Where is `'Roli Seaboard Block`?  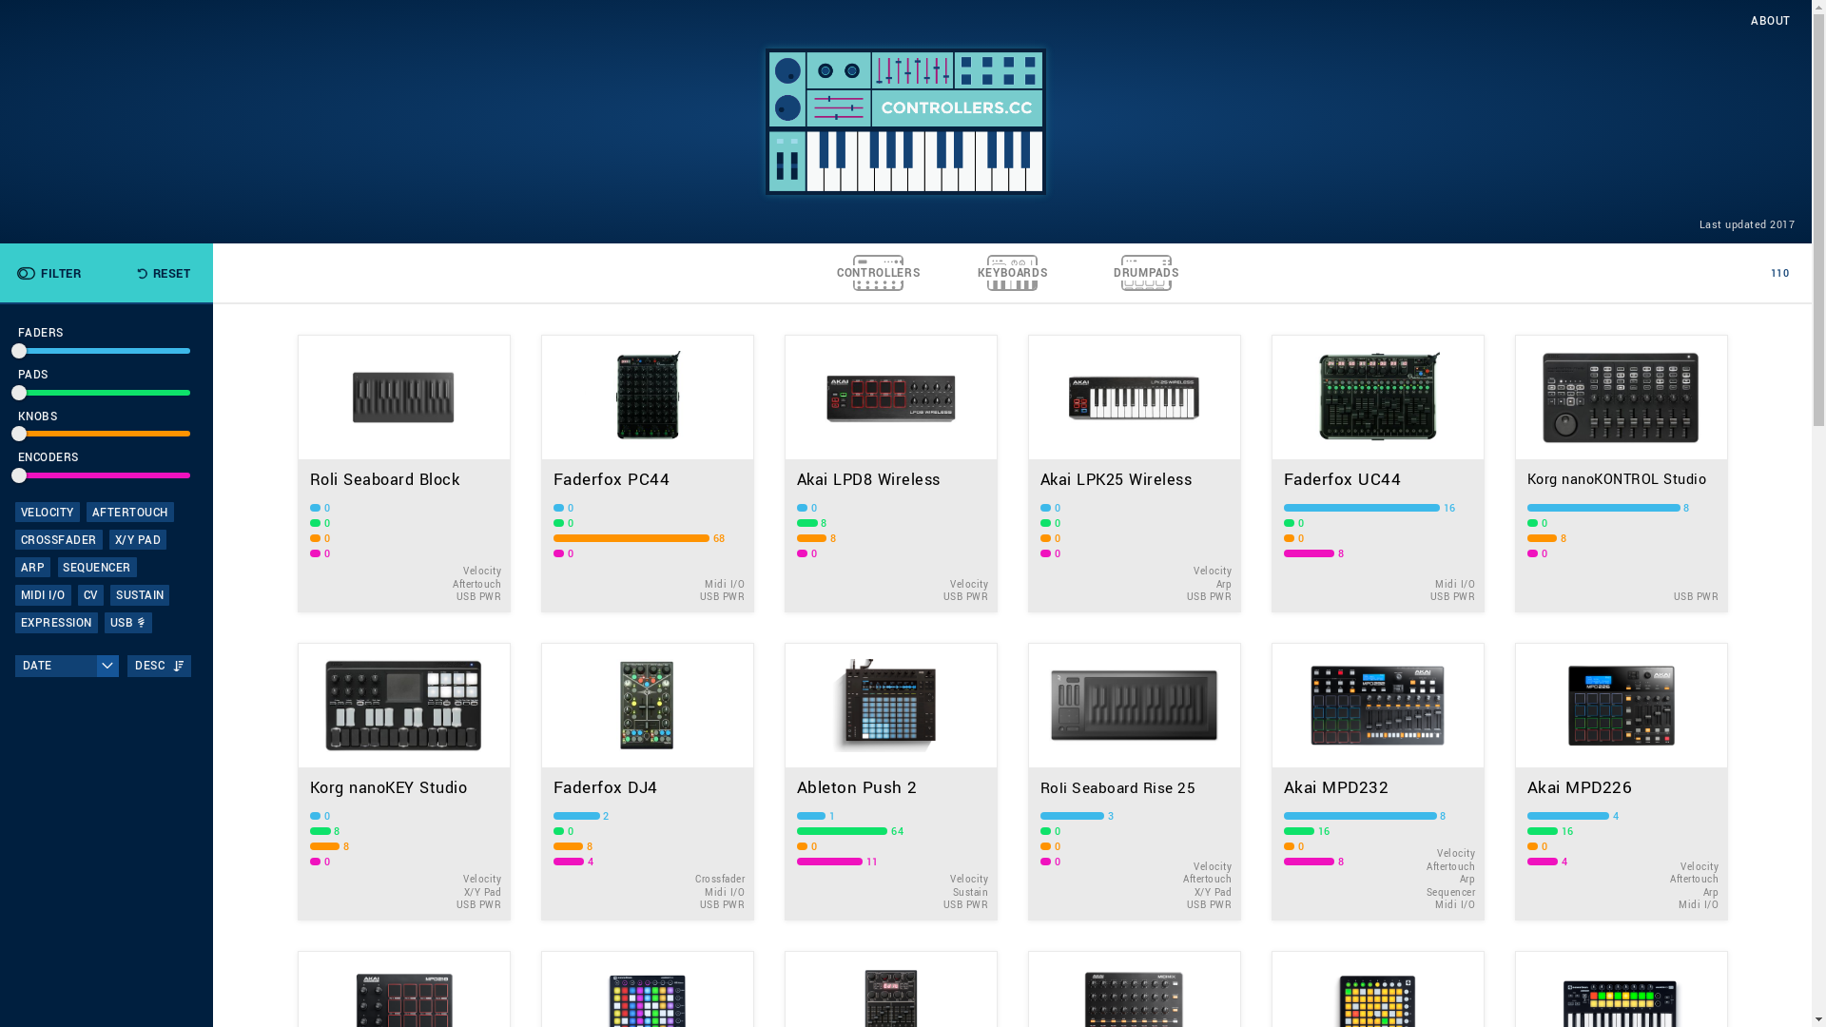
'Roli Seaboard Block is located at coordinates (401, 472).